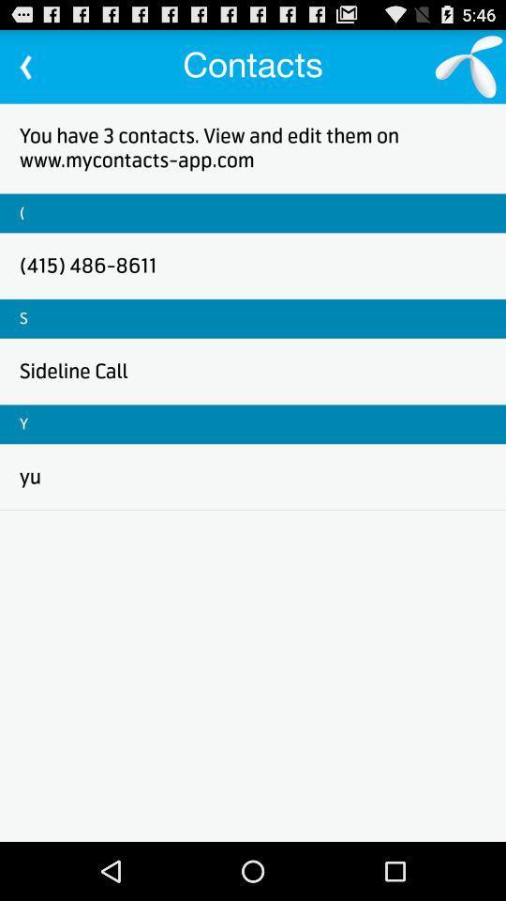  I want to click on s, so click(22, 318).